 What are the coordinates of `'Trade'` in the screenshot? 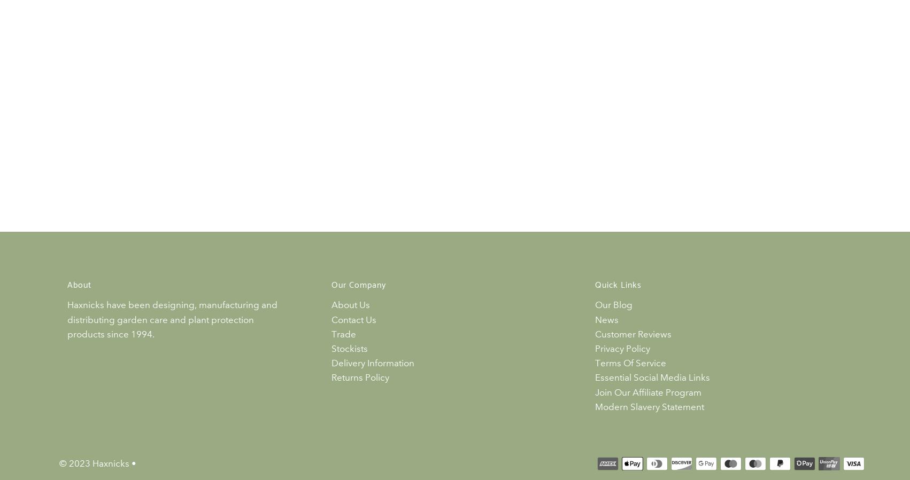 It's located at (343, 333).